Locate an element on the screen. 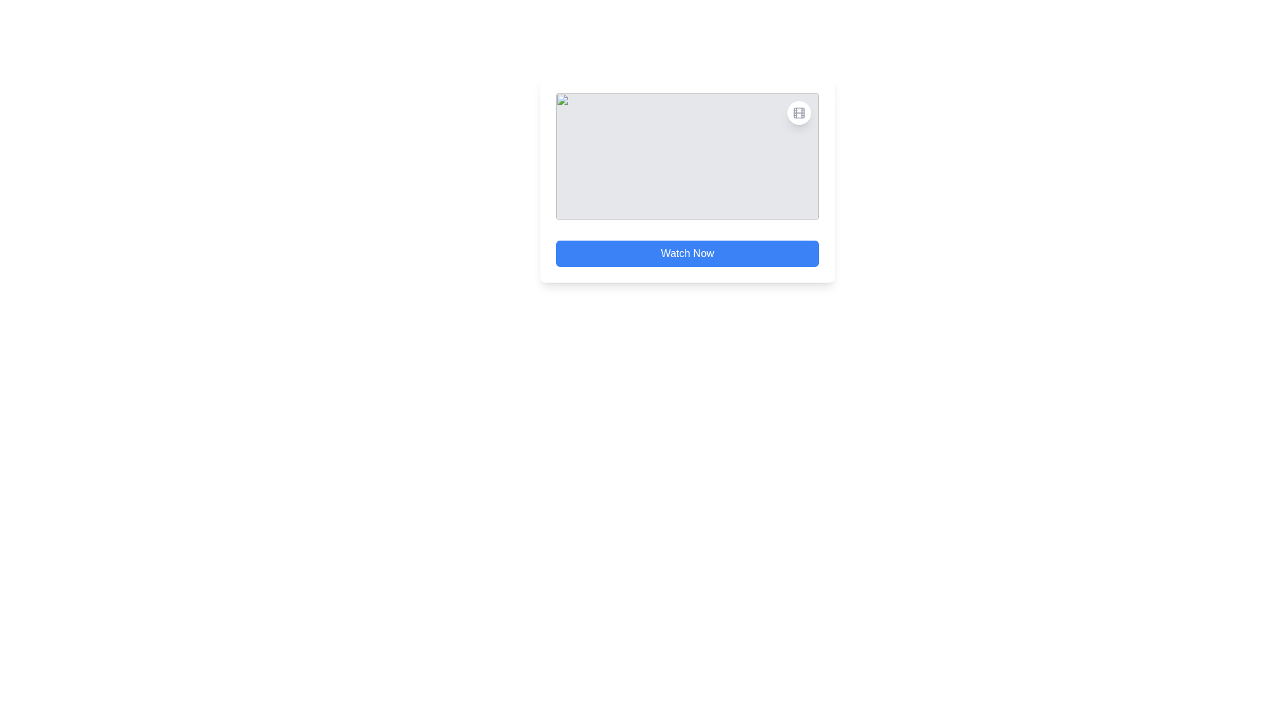  the 'Watch Now' button with a blue background and white text is located at coordinates (687, 253).